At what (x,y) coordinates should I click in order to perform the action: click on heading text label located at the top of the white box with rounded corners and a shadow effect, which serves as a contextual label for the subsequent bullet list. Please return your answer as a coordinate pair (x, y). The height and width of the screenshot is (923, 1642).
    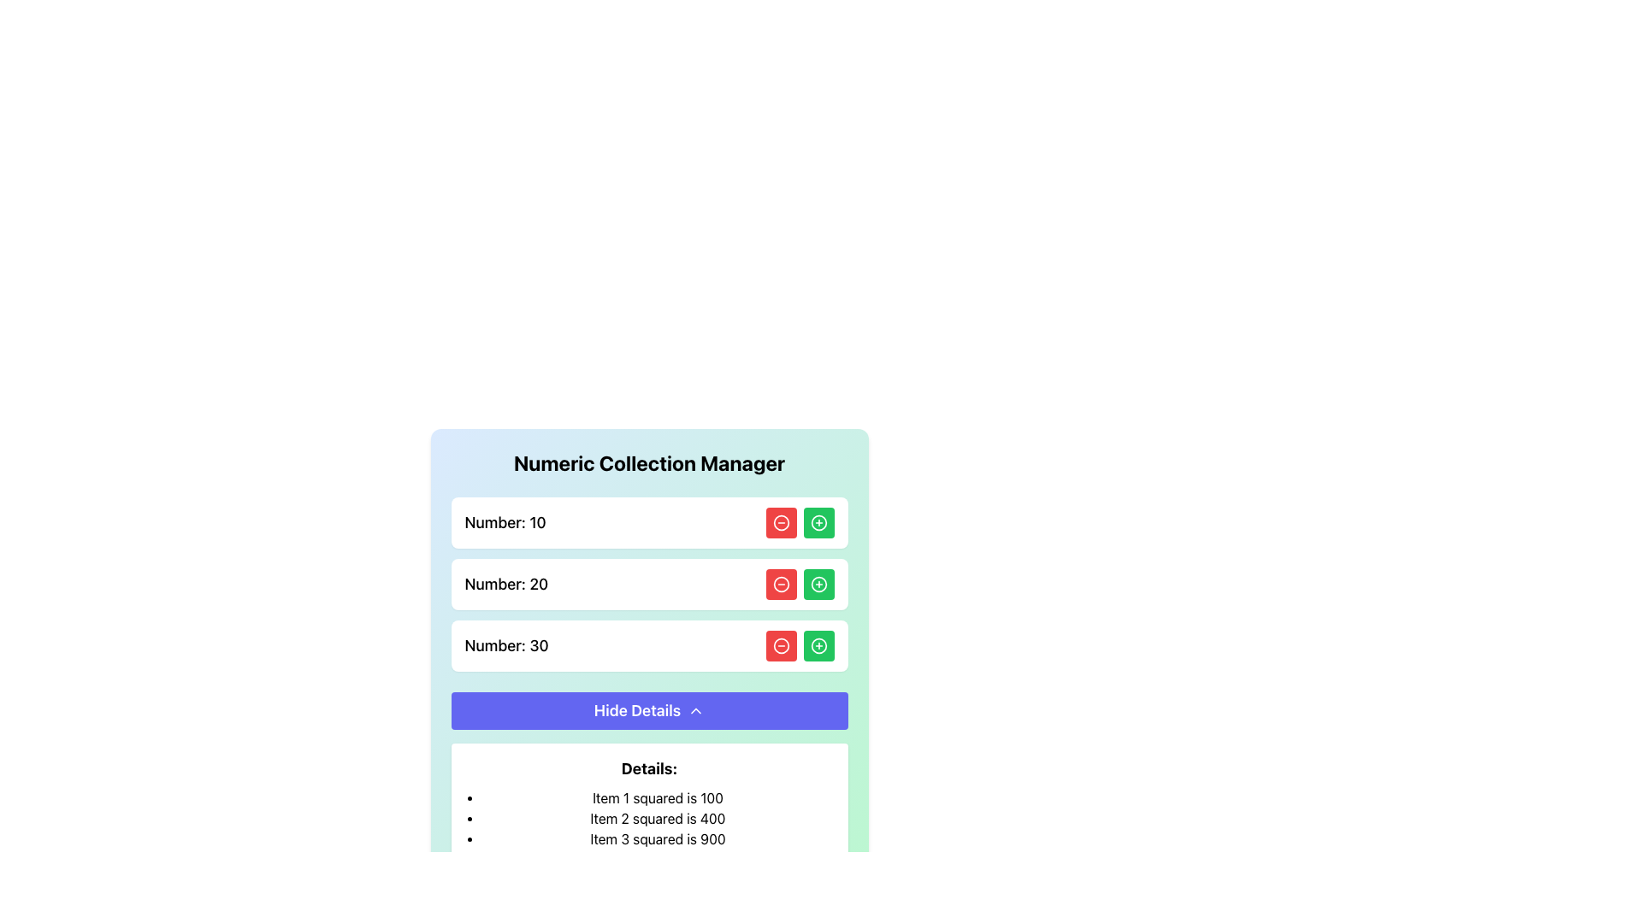
    Looking at the image, I should click on (648, 767).